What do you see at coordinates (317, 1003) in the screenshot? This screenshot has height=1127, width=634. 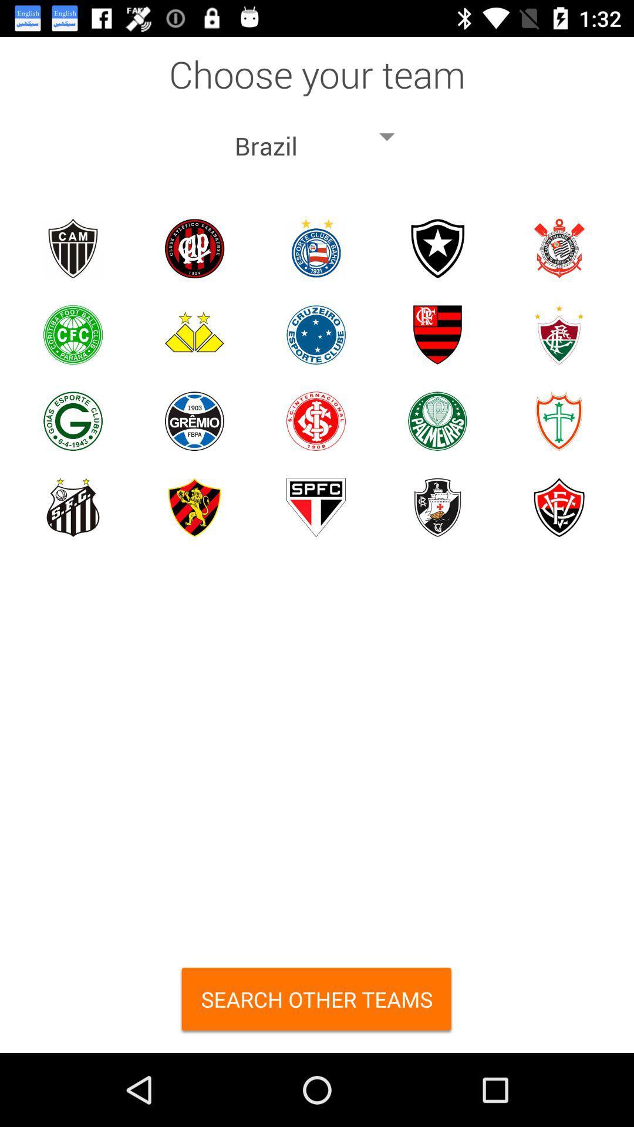 I see `orange button` at bounding box center [317, 1003].